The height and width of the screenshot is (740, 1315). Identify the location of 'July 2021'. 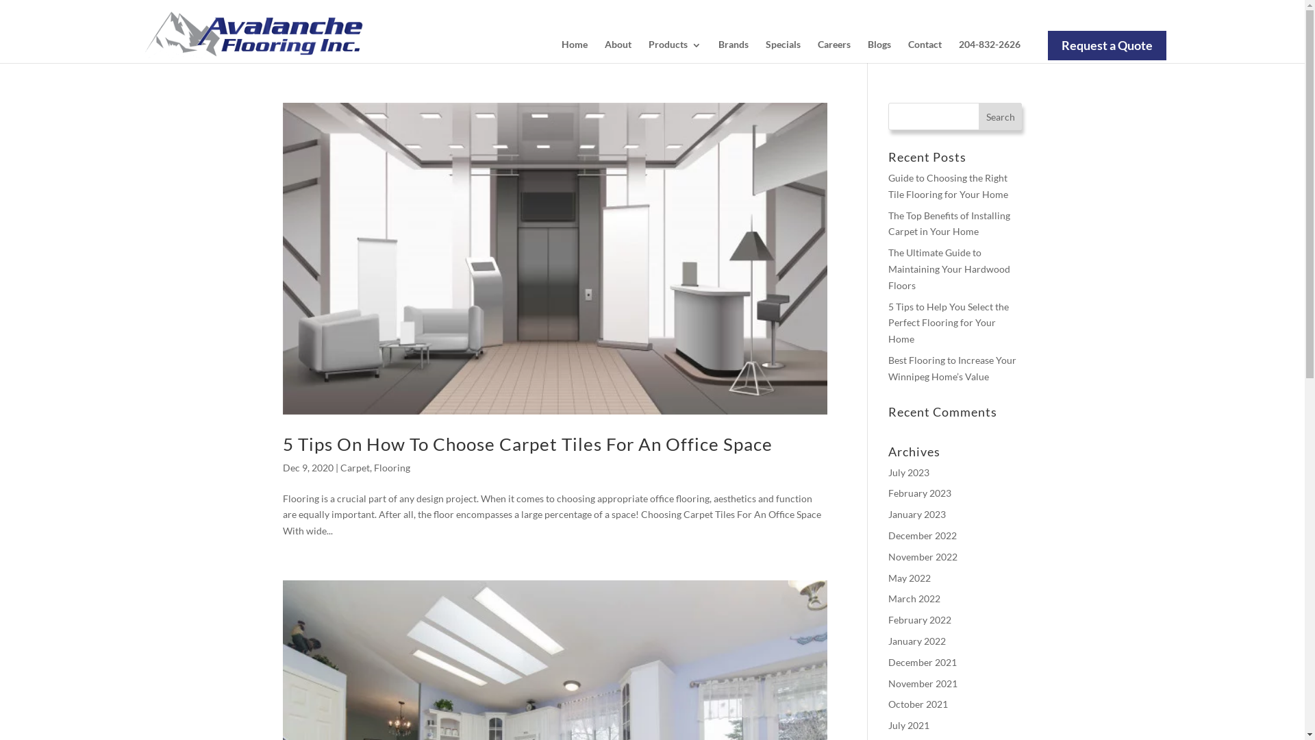
(908, 724).